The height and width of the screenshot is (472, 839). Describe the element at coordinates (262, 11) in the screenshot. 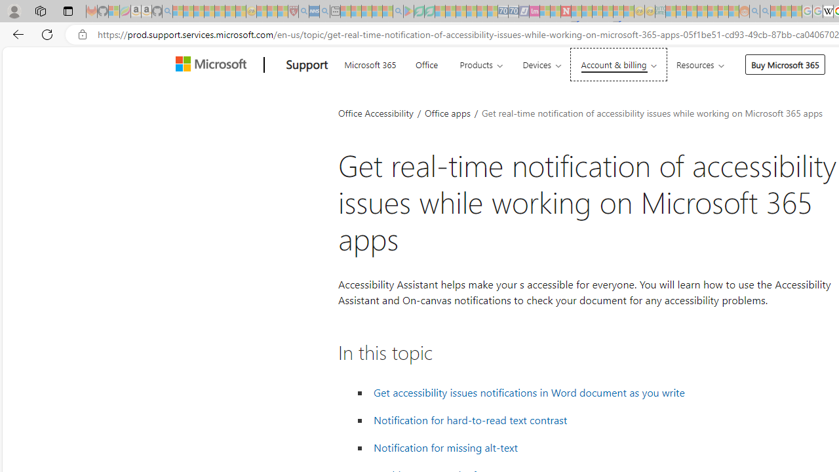

I see `'Recipes - MSN - Sleeping'` at that location.